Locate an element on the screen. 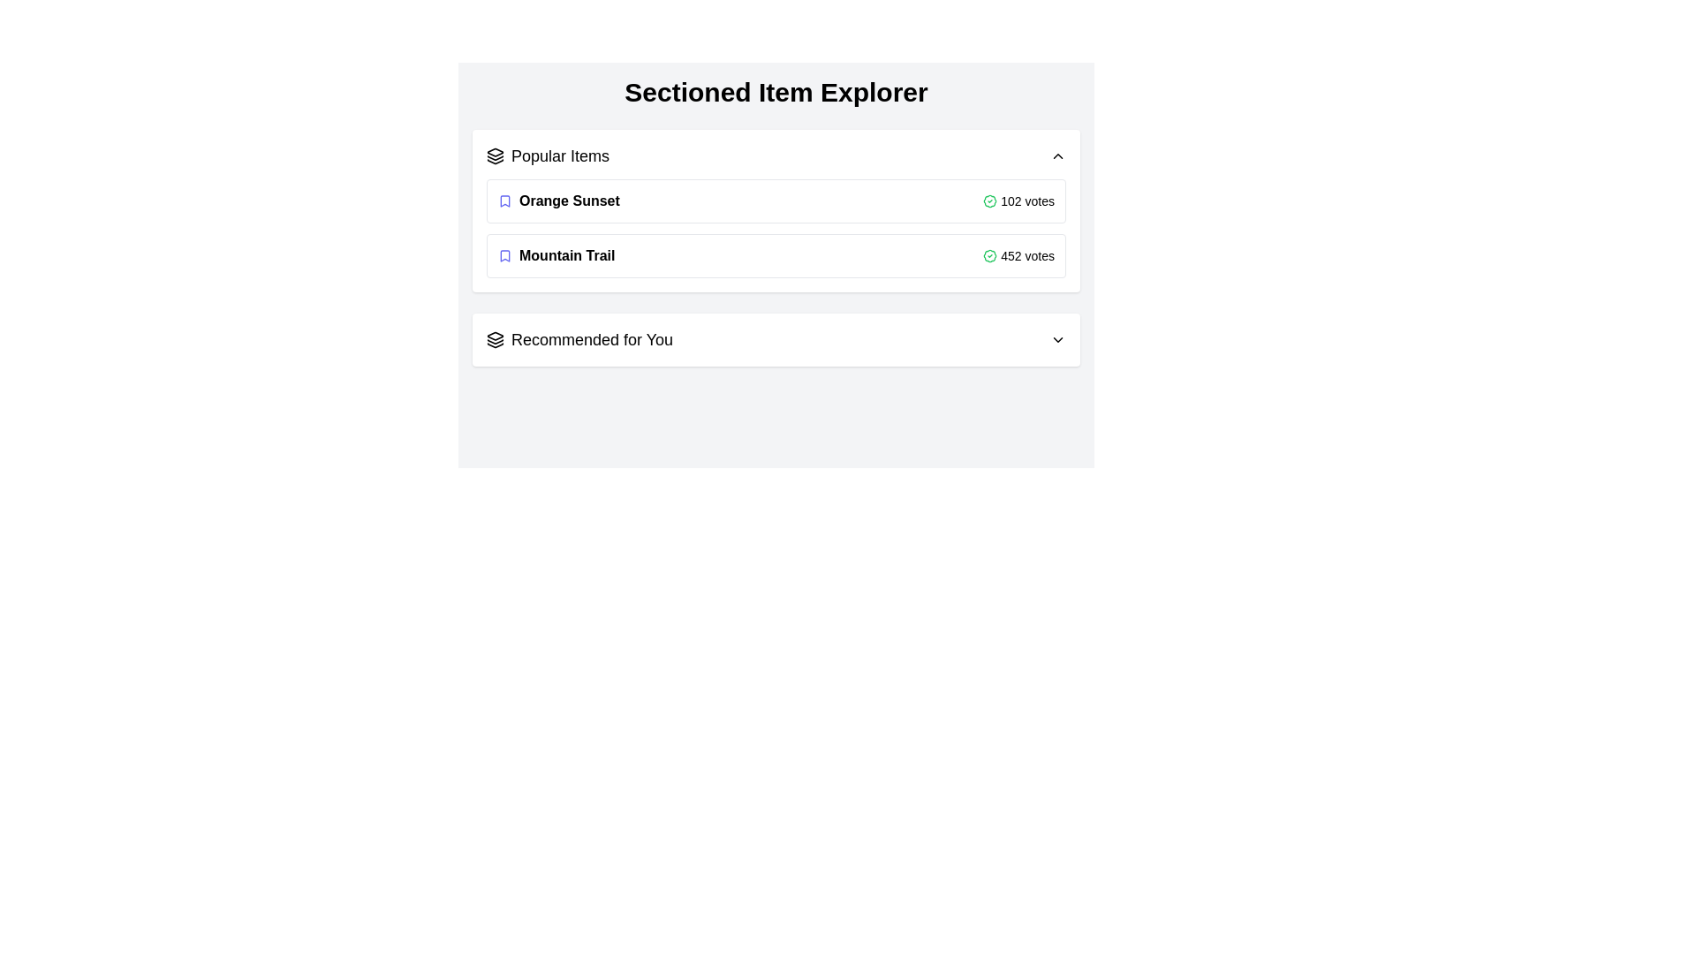 The image size is (1696, 954). the text and icon displaying the number of votes for 'Orange Sunset' located at the far-right side of the row labeled 'Orange Sunset' in the 'Popular Items' section is located at coordinates (1018, 200).